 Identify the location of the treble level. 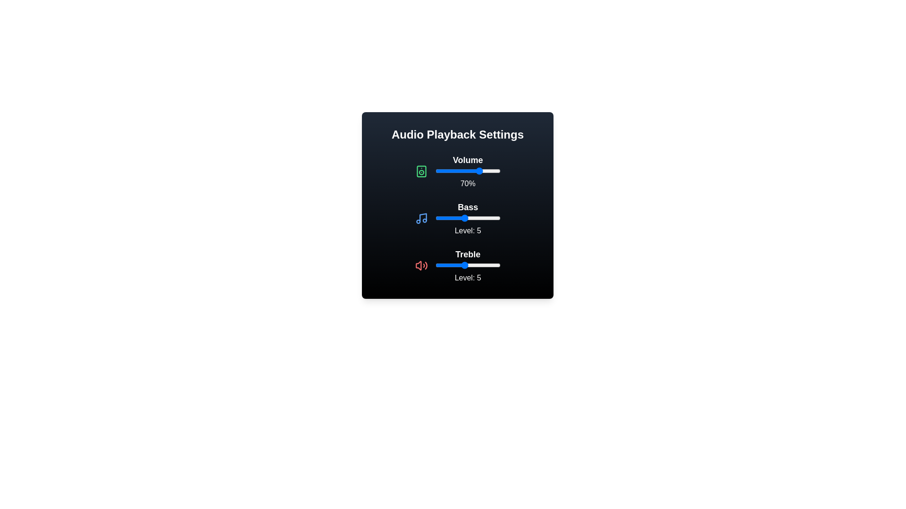
(478, 265).